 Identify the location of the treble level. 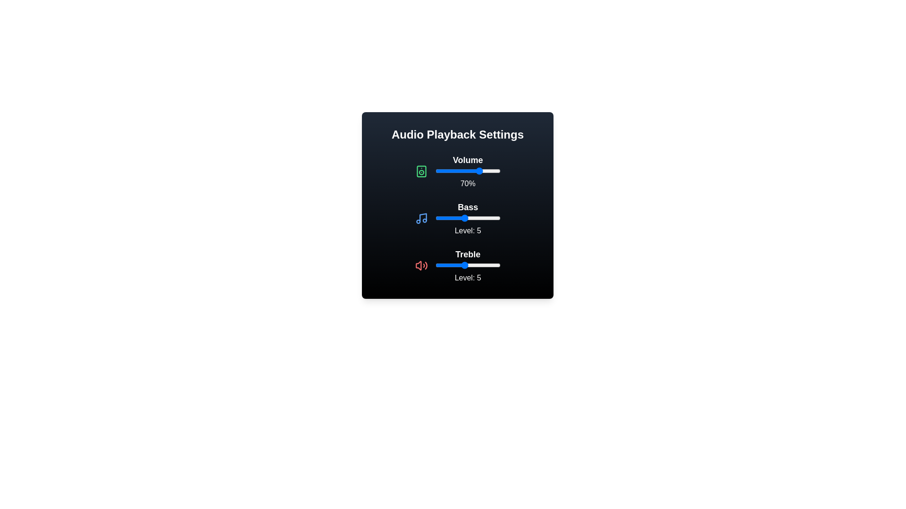
(478, 265).